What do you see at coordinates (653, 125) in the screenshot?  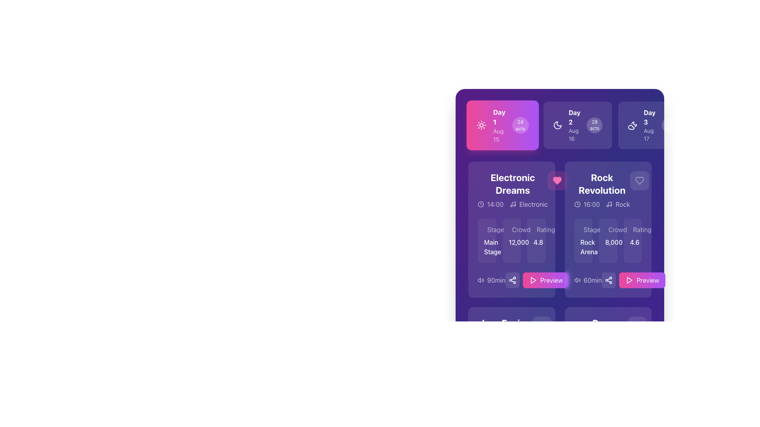 I see `the rectangular button labeled 'Day 3' with a purple background` at bounding box center [653, 125].